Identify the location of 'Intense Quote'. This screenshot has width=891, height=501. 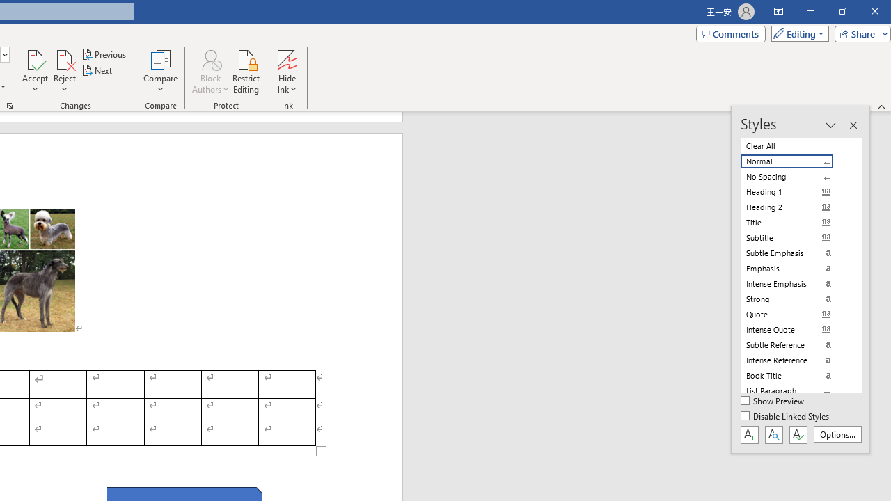
(795, 330).